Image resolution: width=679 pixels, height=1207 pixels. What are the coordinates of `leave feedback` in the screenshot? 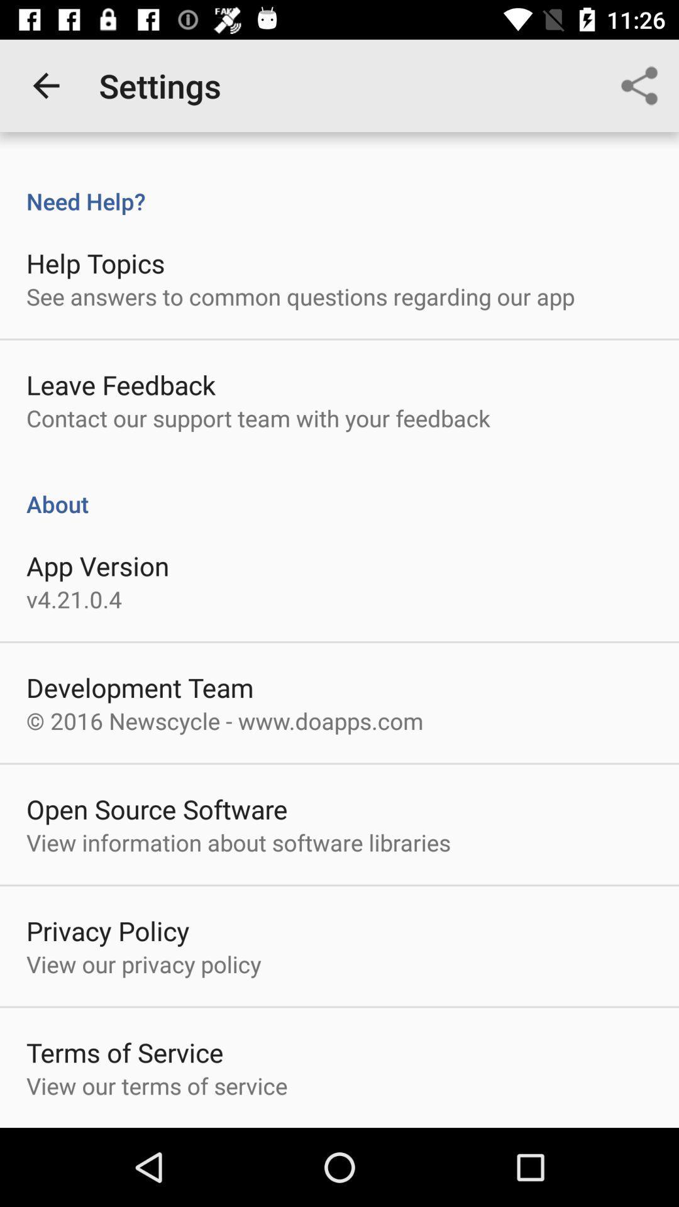 It's located at (121, 384).